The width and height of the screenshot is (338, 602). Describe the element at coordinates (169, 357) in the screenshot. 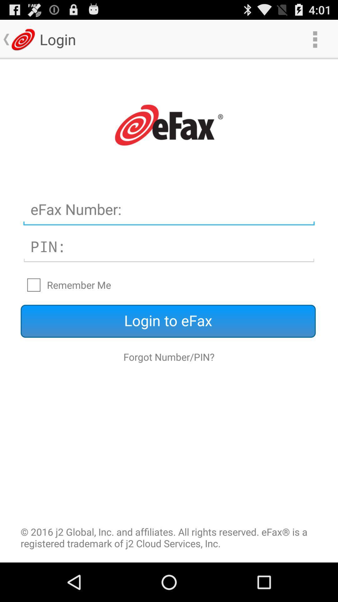

I see `forgot number/pin? icon` at that location.